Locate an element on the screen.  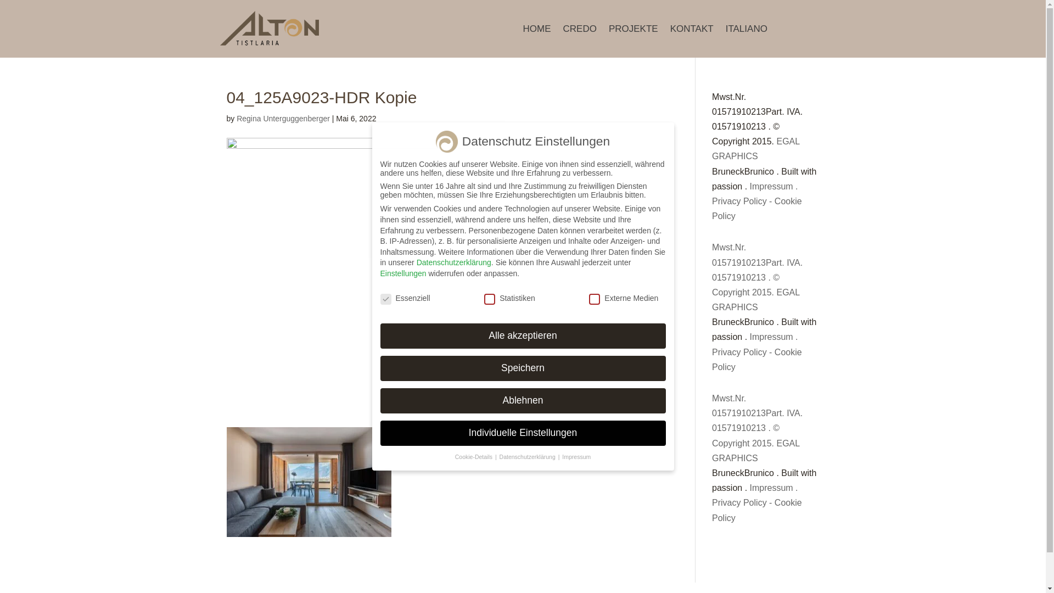
'ITALIANO' is located at coordinates (746, 31).